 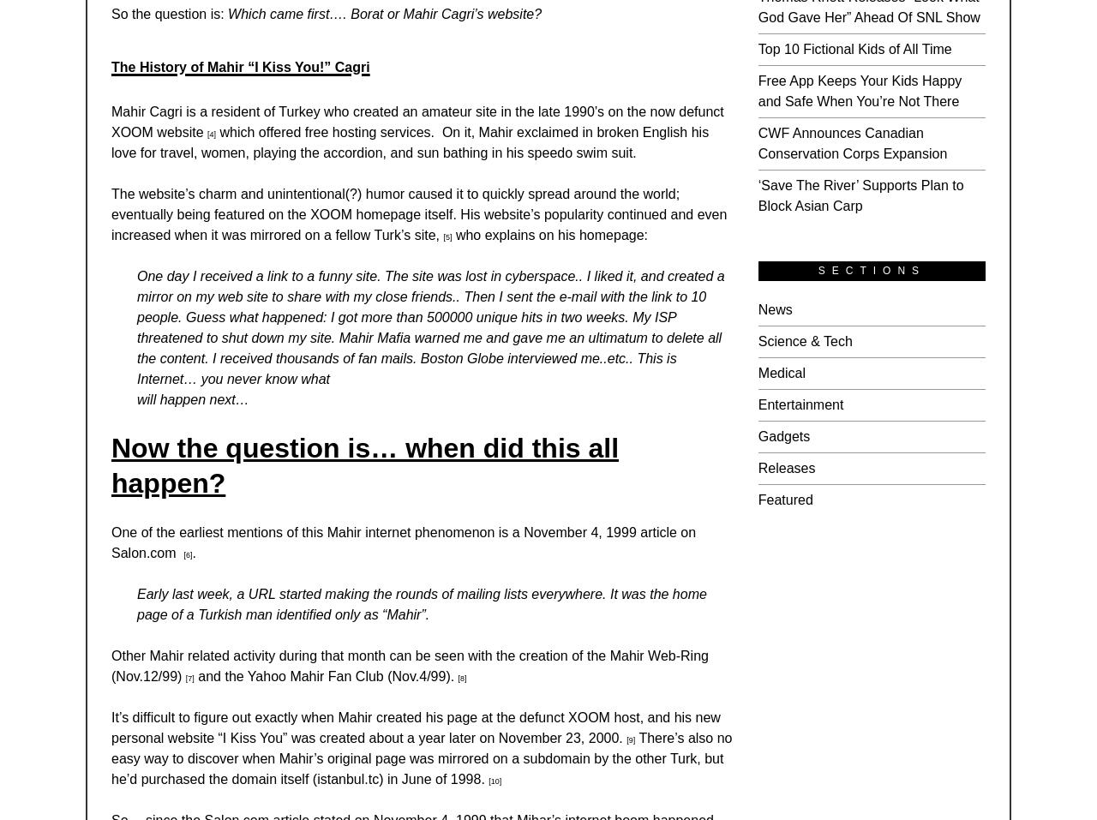 I want to click on 'Early last week, a URL started making the rounds of mailing lists everywhere. It was the home page of a Turkish man identified only as “Mahir”.', so click(x=422, y=603).